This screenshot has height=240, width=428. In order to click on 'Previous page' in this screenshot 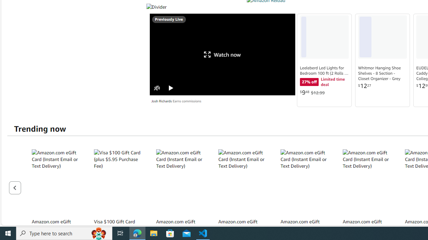, I will do `click(15, 188)`.